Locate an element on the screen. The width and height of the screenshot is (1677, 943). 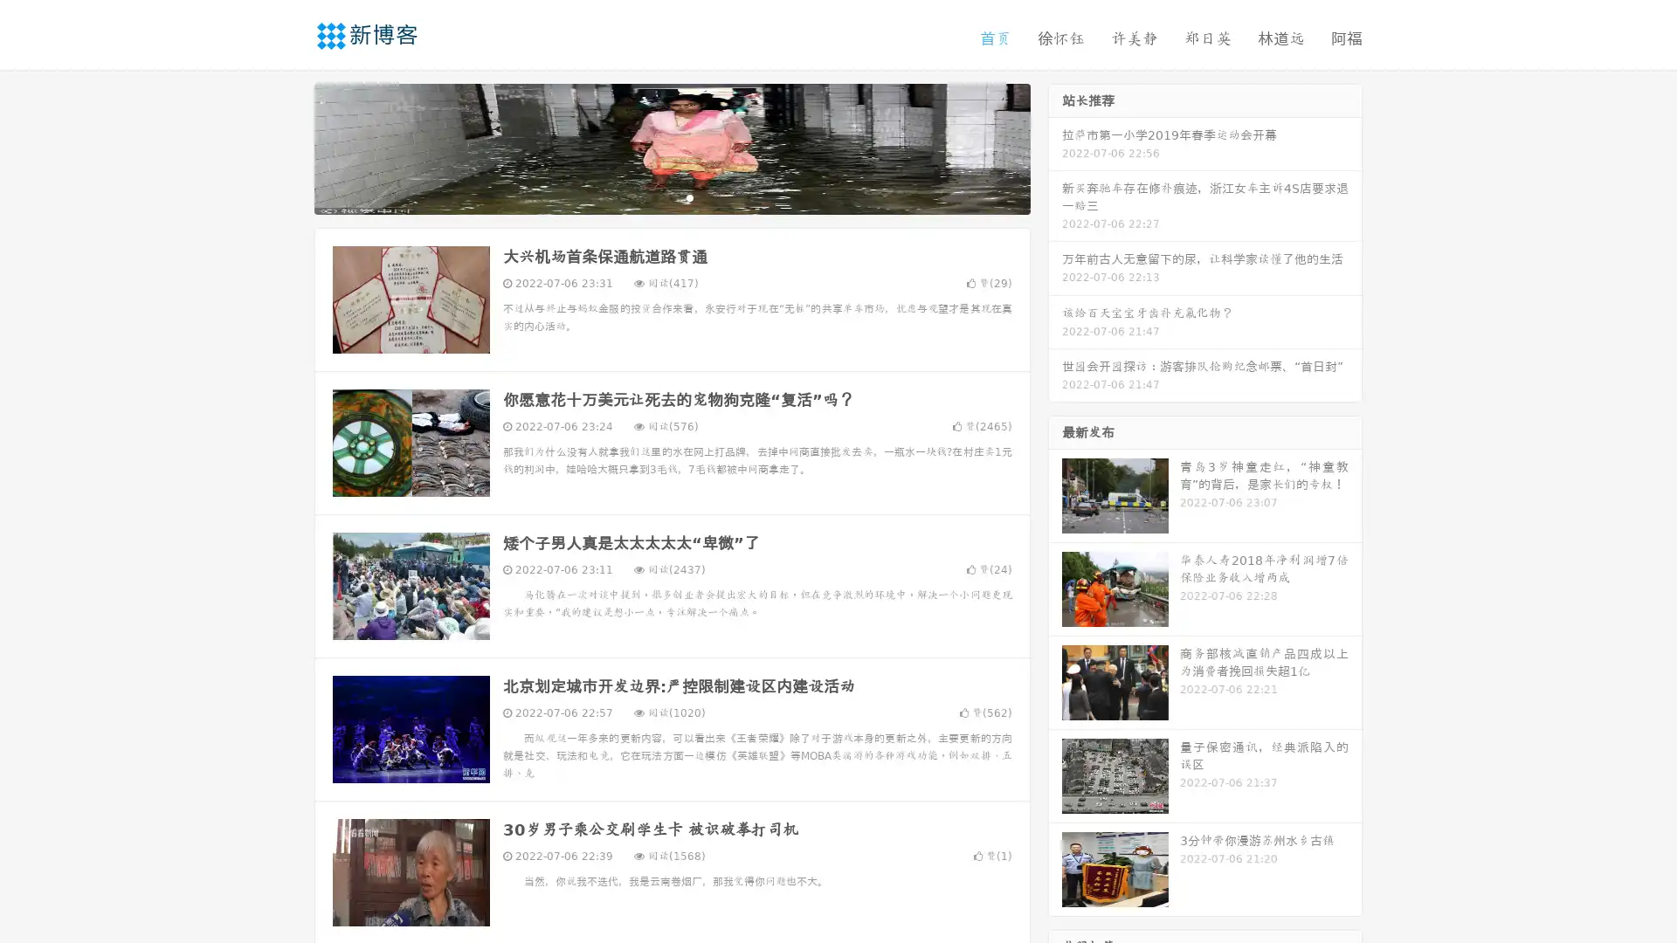
Next slide is located at coordinates (1055, 147).